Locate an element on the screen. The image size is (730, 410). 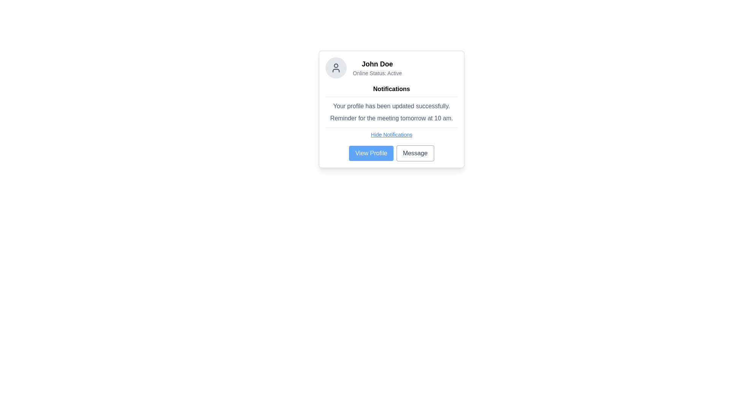
the second button under the profile section to send a message is located at coordinates (415, 153).